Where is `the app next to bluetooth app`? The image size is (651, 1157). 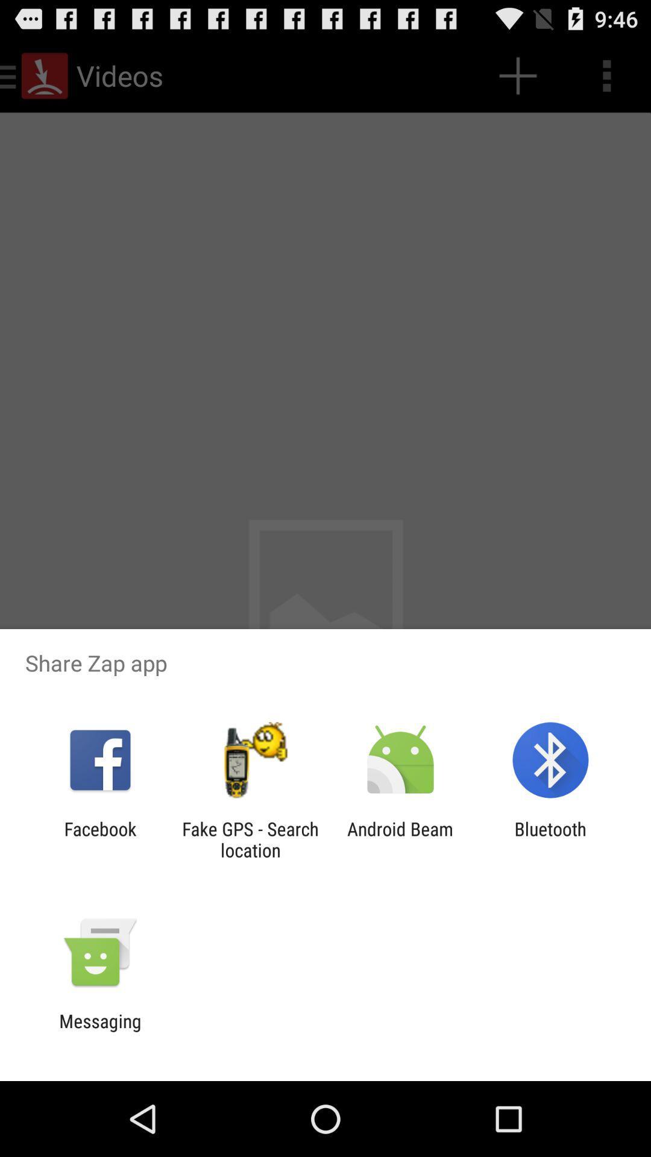
the app next to bluetooth app is located at coordinates (400, 839).